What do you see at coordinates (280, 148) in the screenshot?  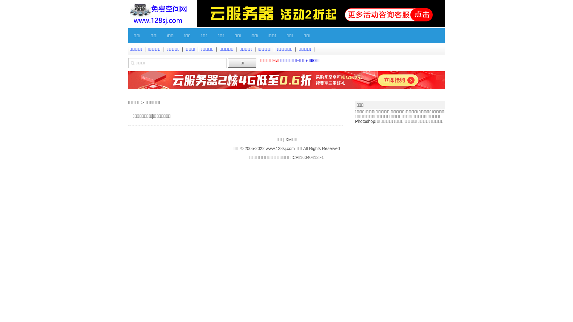 I see `'www.128sj.com'` at bounding box center [280, 148].